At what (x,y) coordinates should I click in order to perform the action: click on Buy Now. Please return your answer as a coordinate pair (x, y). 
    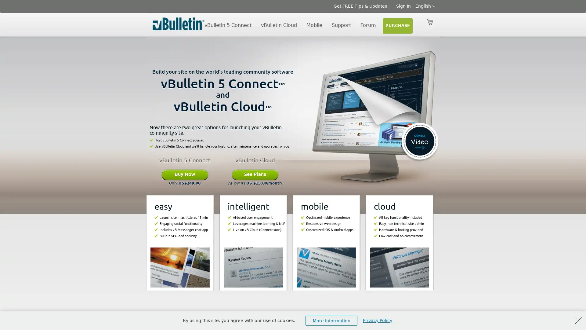
    Looking at the image, I should click on (184, 174).